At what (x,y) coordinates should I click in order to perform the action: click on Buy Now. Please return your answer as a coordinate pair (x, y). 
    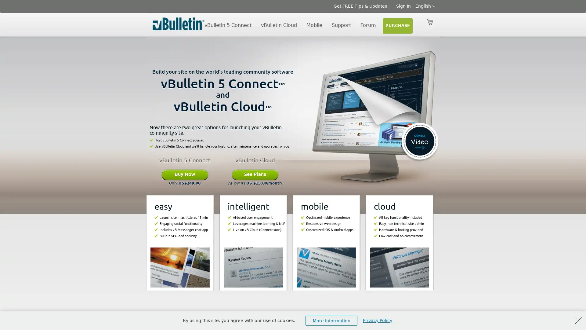
    Looking at the image, I should click on (184, 174).